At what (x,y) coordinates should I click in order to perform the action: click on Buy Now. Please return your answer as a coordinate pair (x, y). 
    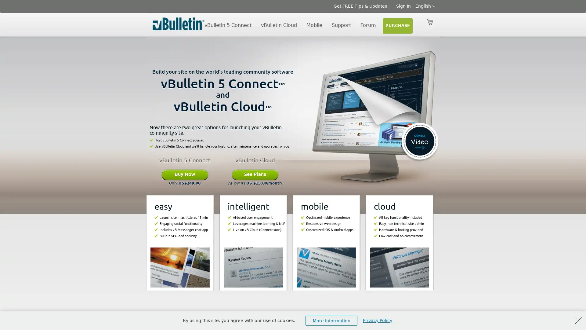
    Looking at the image, I should click on (184, 174).